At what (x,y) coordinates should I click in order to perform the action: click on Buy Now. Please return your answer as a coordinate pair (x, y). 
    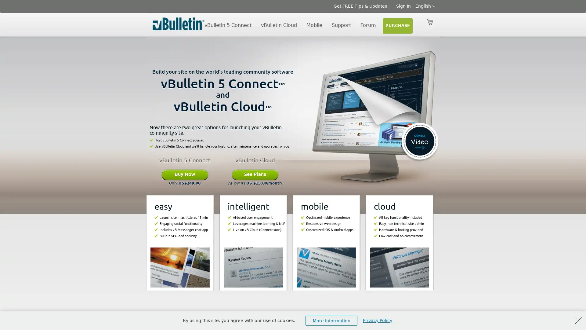
    Looking at the image, I should click on (184, 174).